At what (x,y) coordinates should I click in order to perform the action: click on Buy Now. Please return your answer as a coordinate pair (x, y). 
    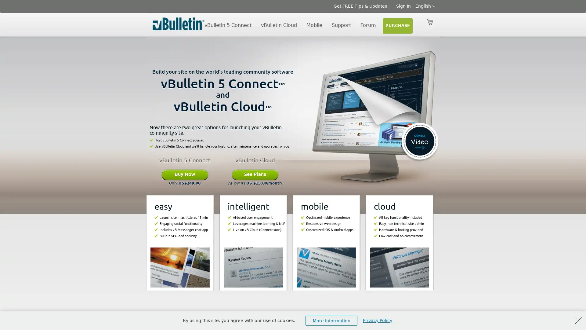
    Looking at the image, I should click on (184, 174).